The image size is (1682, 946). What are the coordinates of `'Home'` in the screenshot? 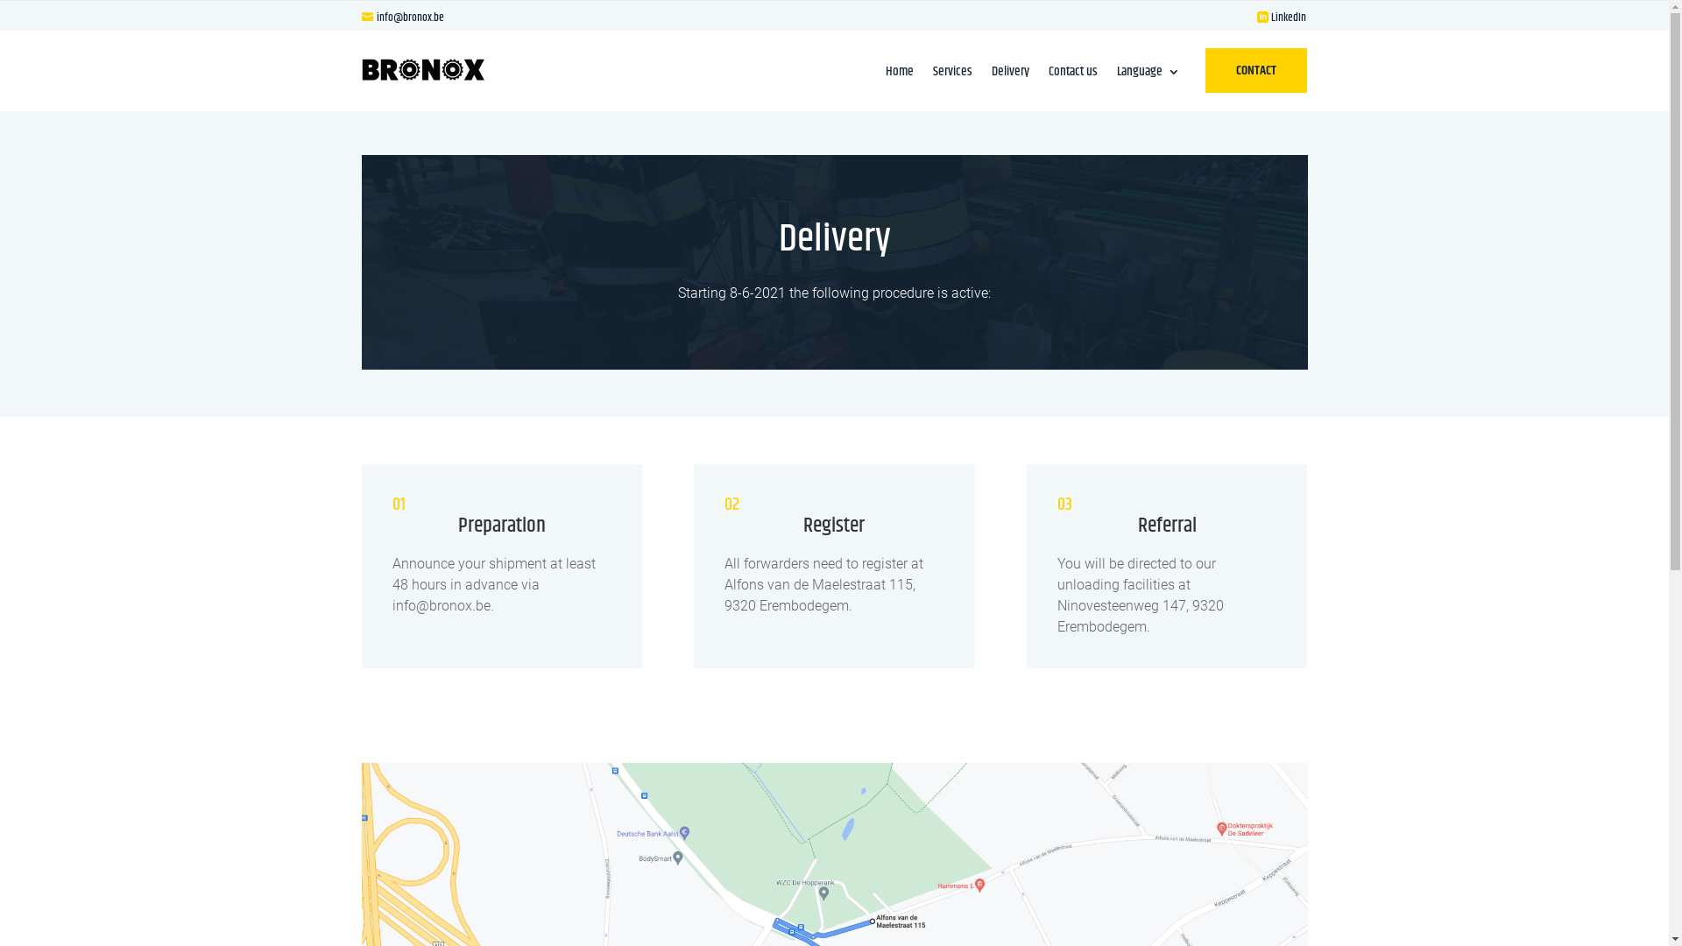 It's located at (900, 74).